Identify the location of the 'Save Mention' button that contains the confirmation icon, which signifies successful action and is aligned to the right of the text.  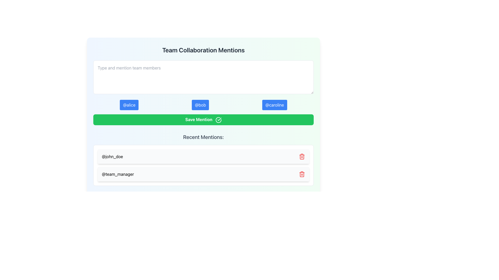
(218, 120).